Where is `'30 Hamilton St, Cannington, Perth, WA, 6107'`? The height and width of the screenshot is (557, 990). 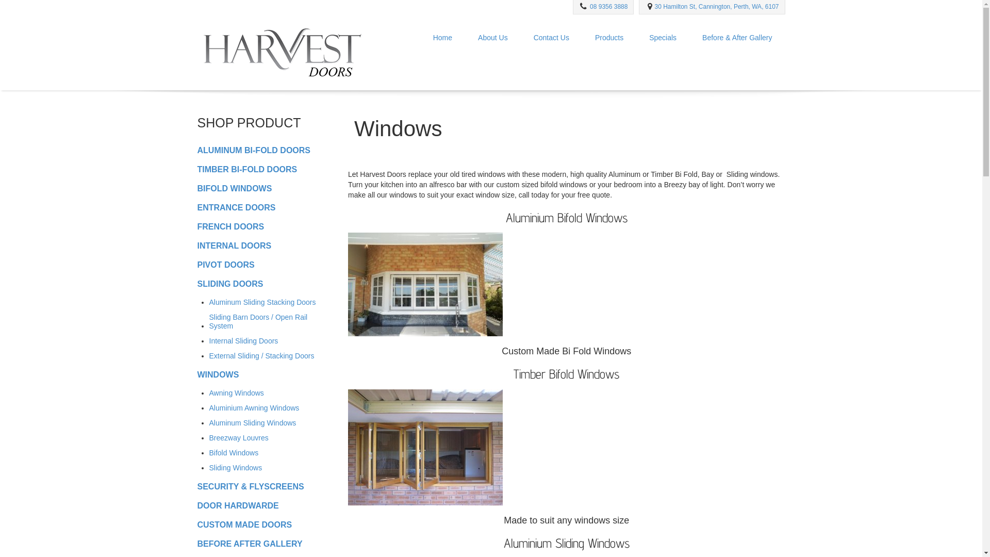
'30 Hamilton St, Cannington, Perth, WA, 6107' is located at coordinates (716, 6).